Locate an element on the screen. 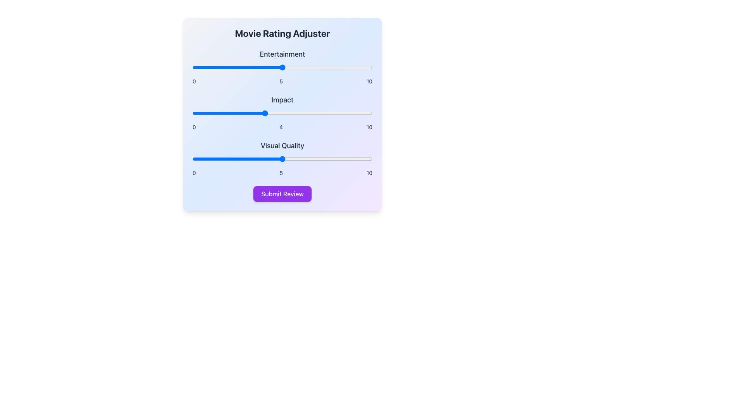  the numeric scale label located directly below the 'Impact' slider, which displays values ranging from '0' to '10' is located at coordinates (282, 126).